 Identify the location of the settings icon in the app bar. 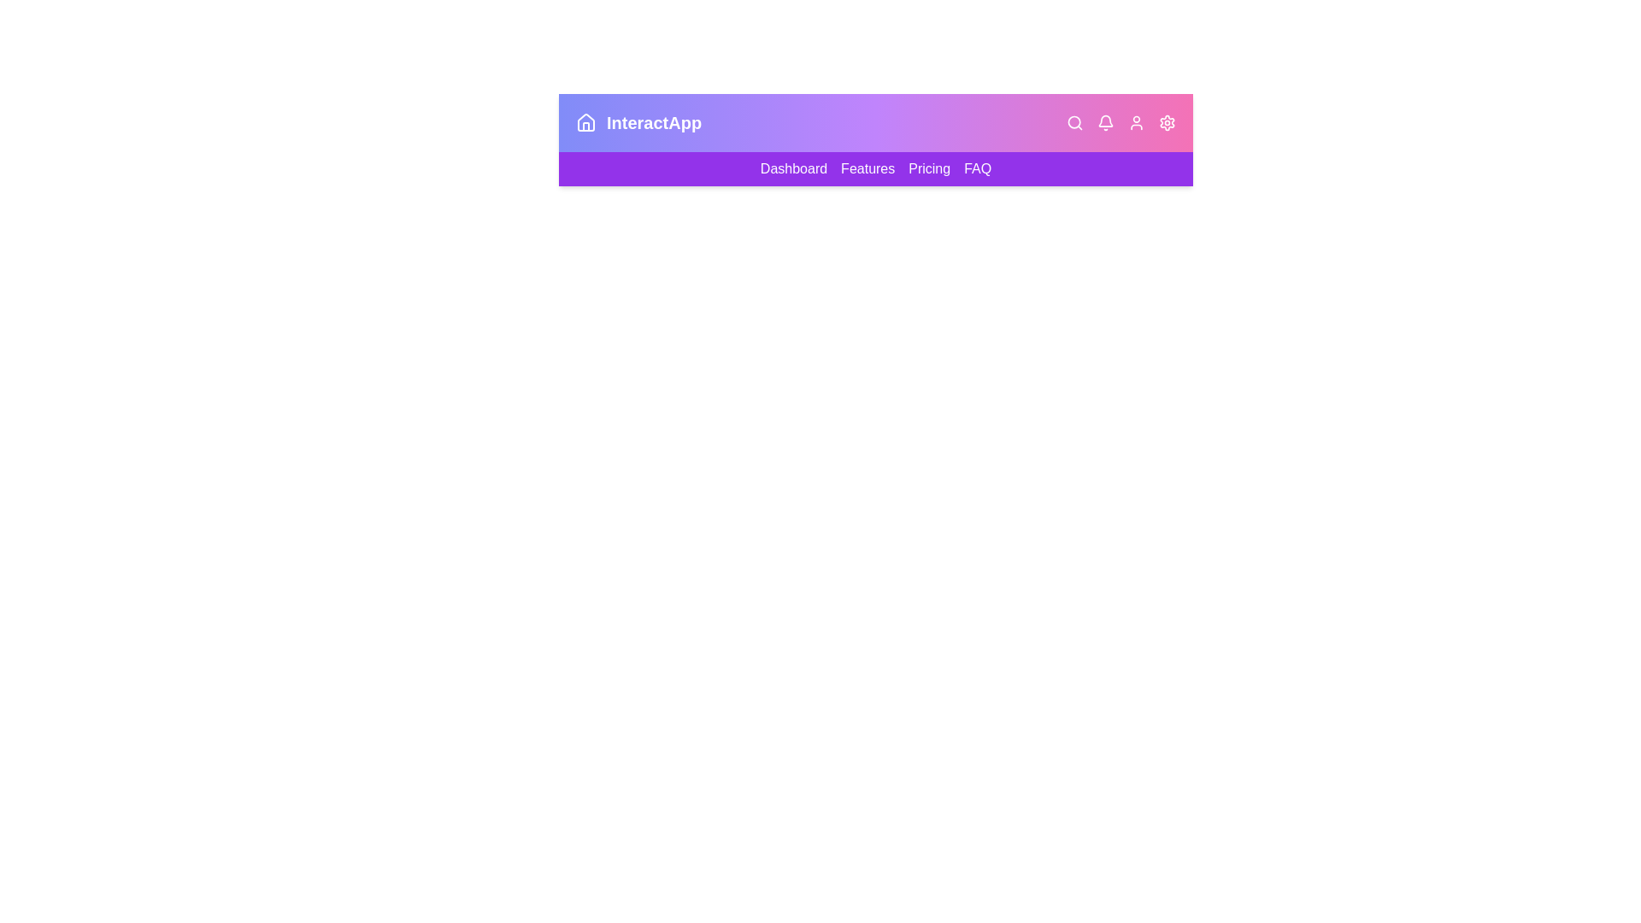
(1167, 121).